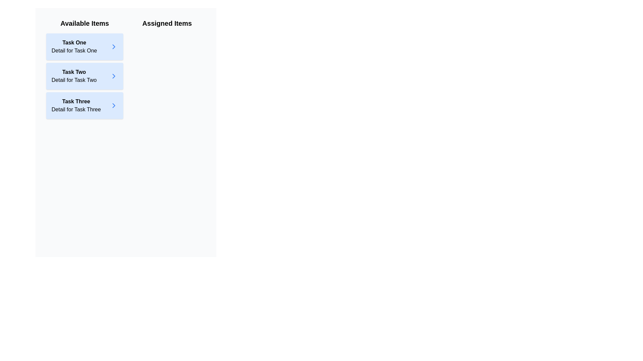 This screenshot has width=643, height=361. What do you see at coordinates (114, 105) in the screenshot?
I see `right arrow icon next to the item 'Task Three' in the 'Available Items' list to move it to the 'Assigned Items' list` at bounding box center [114, 105].